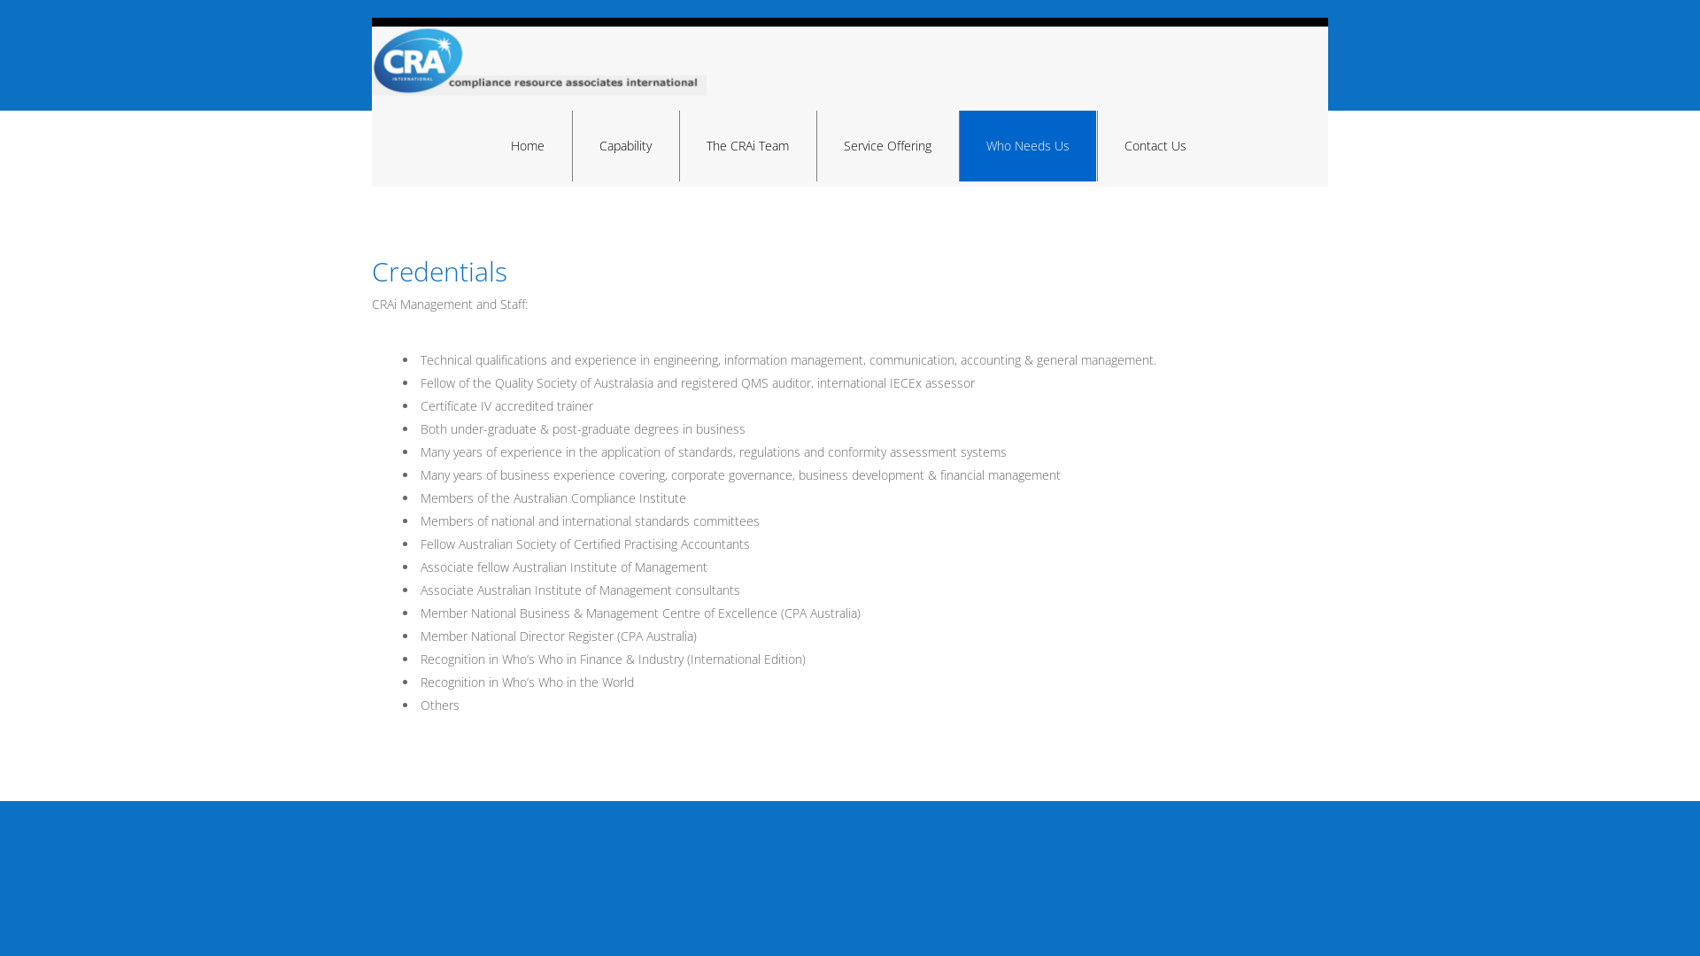 The height and width of the screenshot is (956, 1700). Describe the element at coordinates (1028, 145) in the screenshot. I see `'Who Needs Us'` at that location.